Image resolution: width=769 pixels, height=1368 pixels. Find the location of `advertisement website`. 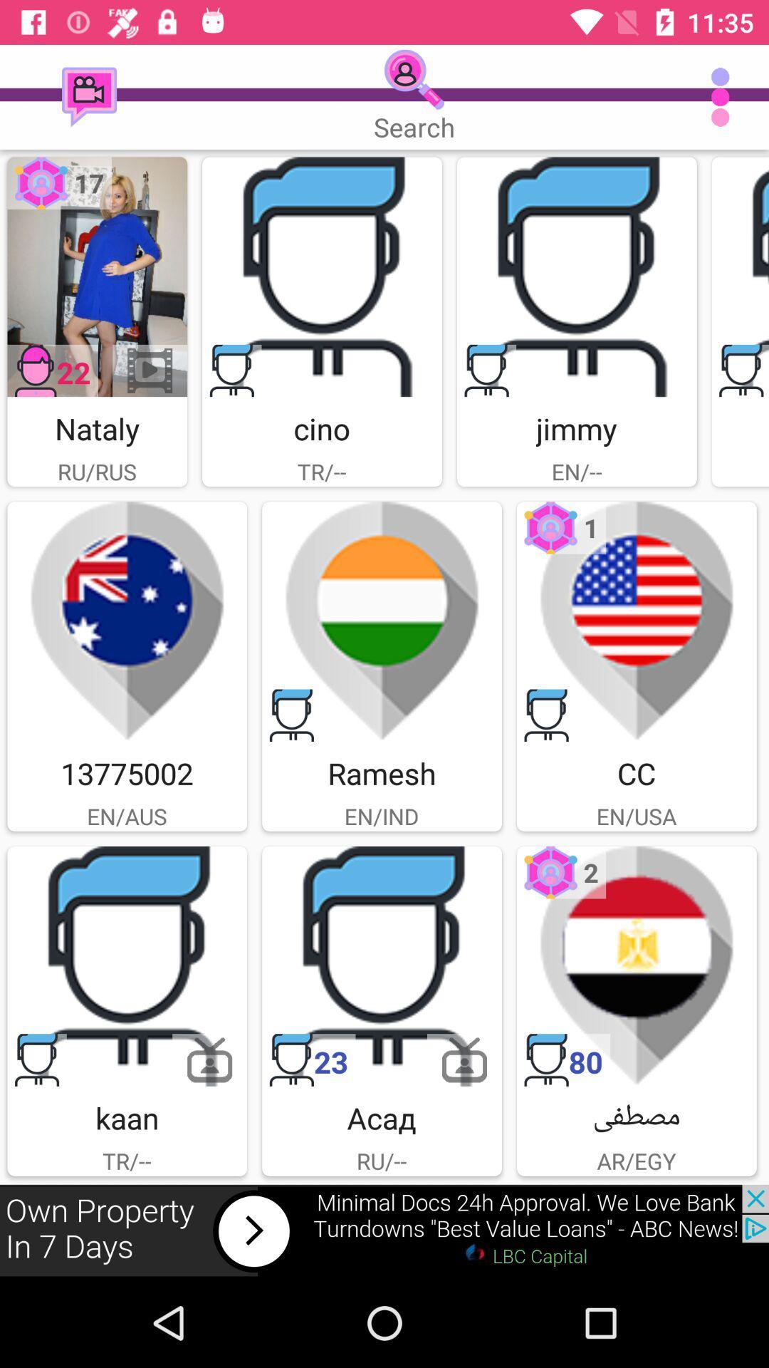

advertisement website is located at coordinates (384, 1230).